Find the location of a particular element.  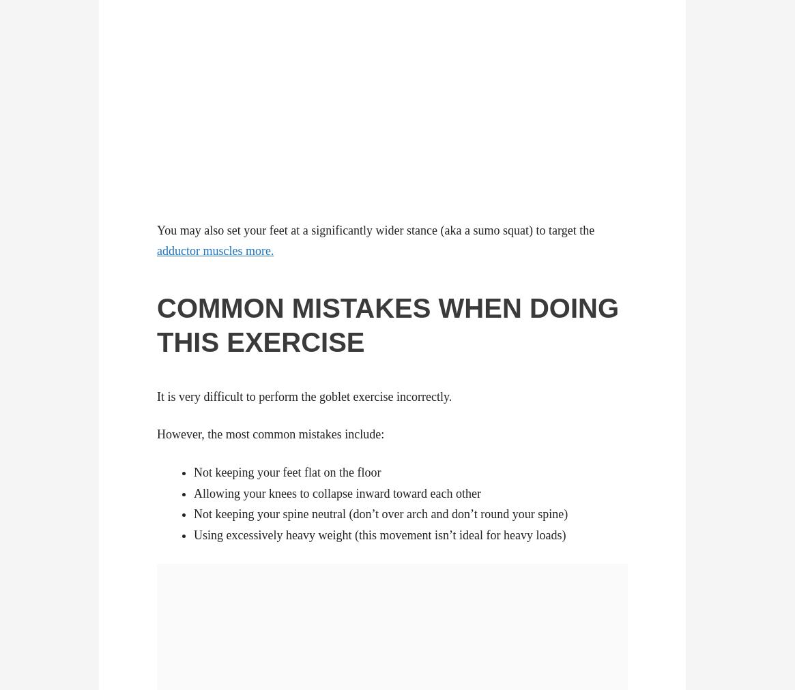

'WHEN DOING THIS EXERCISE' is located at coordinates (156, 325).